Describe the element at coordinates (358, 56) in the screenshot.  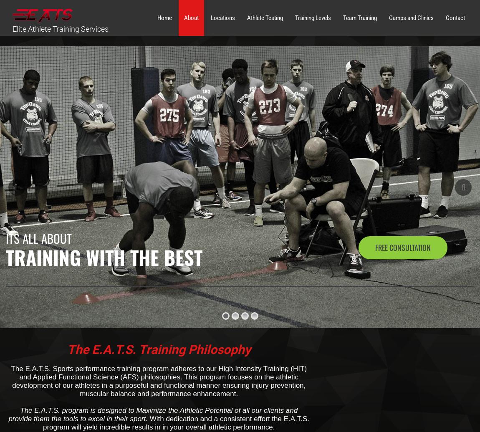
I see `'Category'` at that location.